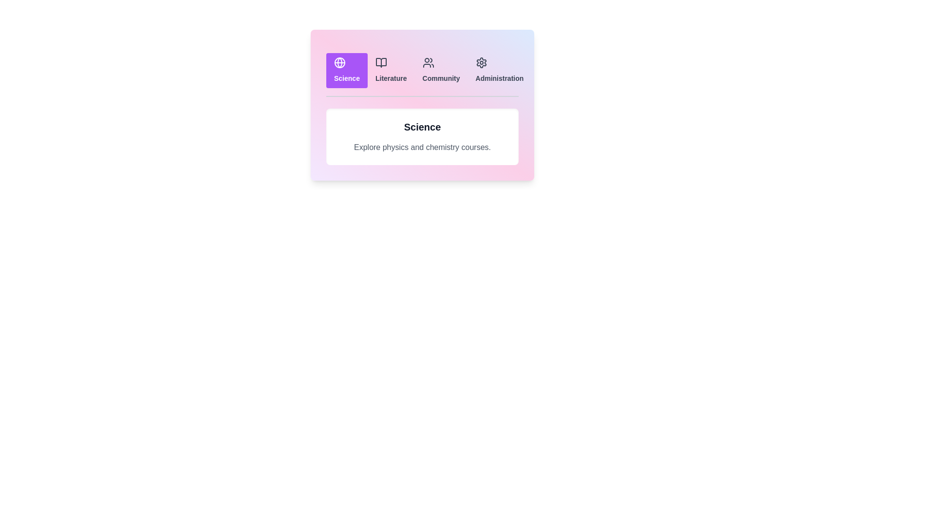  Describe the element at coordinates (500, 70) in the screenshot. I see `the Administration tab` at that location.